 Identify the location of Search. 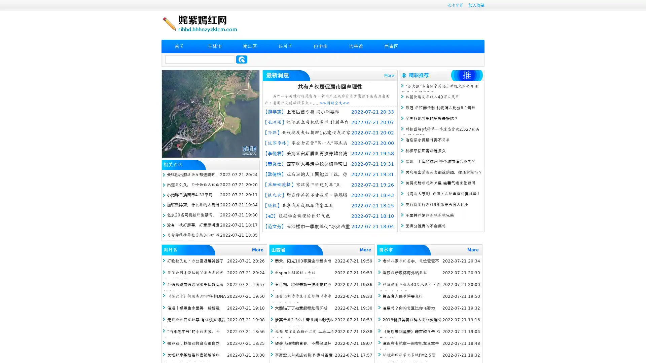
(242, 59).